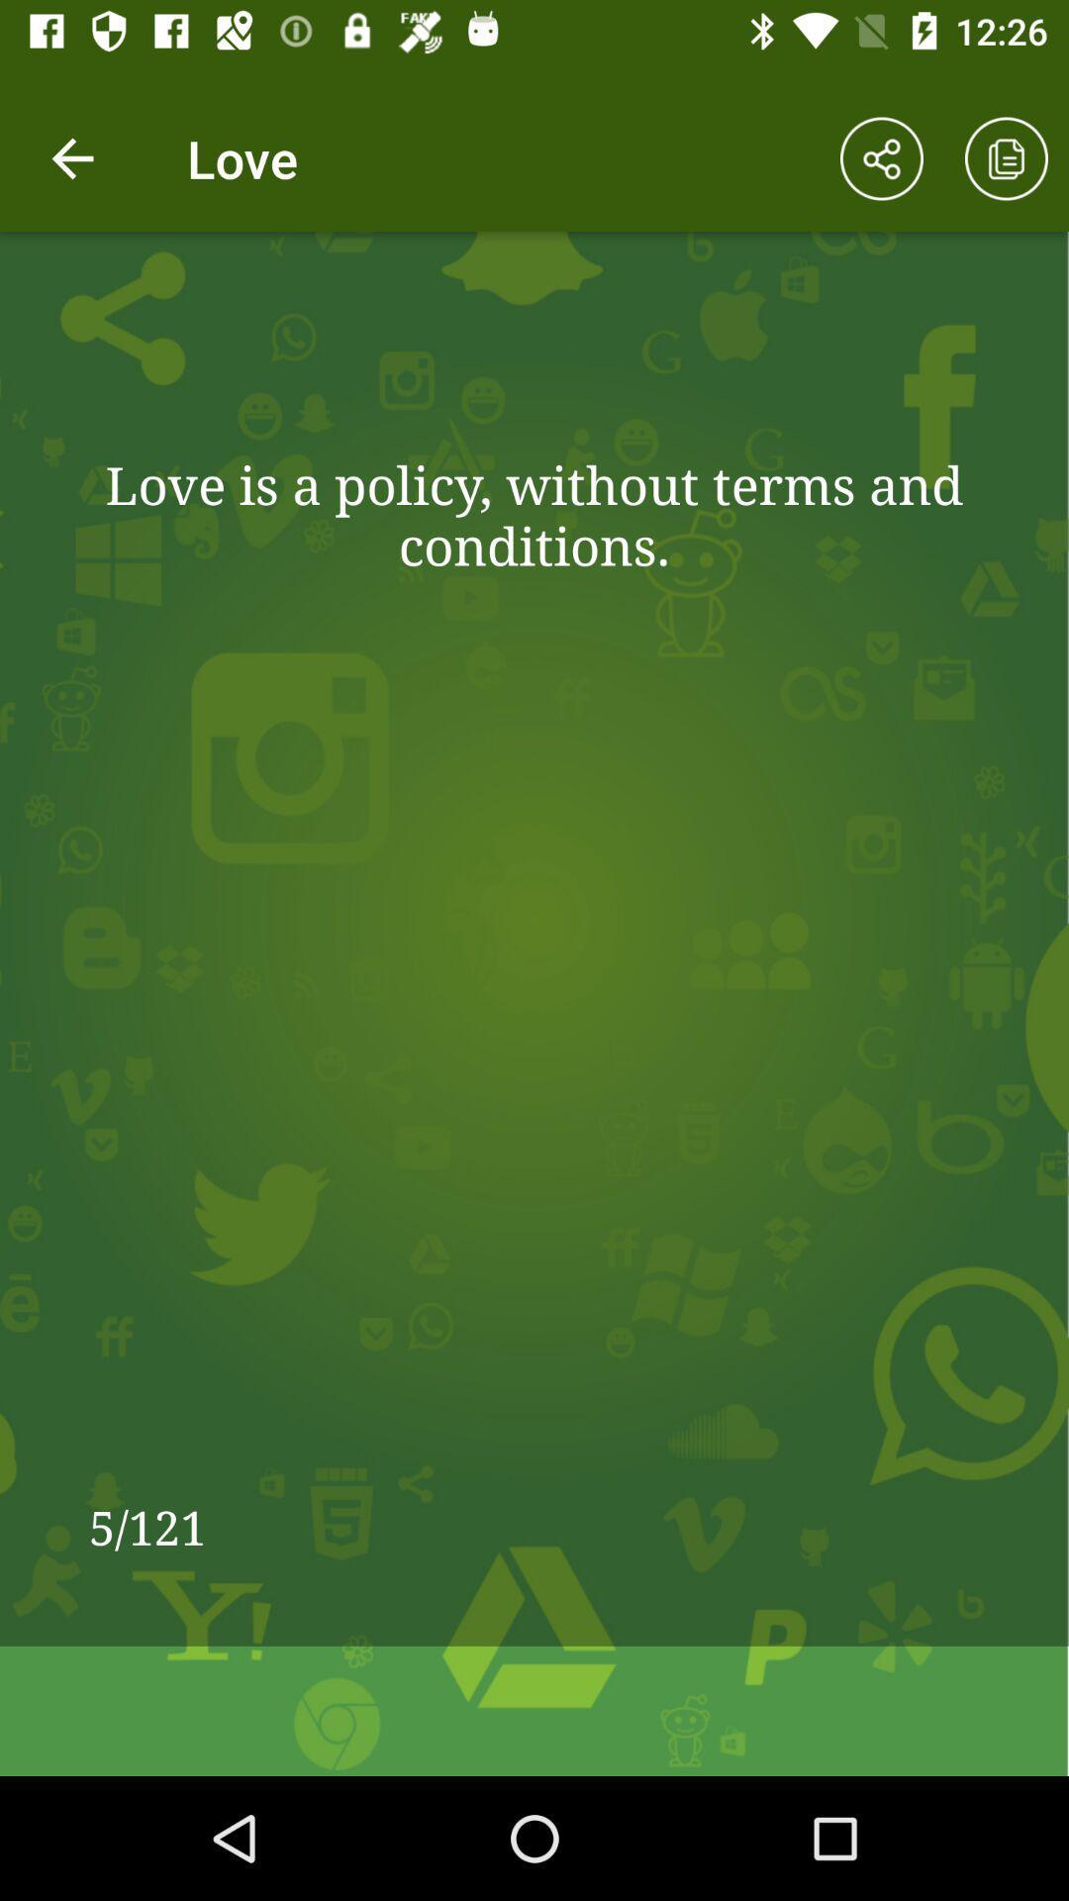 This screenshot has height=1901, width=1069. What do you see at coordinates (1007, 158) in the screenshot?
I see `screen selection` at bounding box center [1007, 158].